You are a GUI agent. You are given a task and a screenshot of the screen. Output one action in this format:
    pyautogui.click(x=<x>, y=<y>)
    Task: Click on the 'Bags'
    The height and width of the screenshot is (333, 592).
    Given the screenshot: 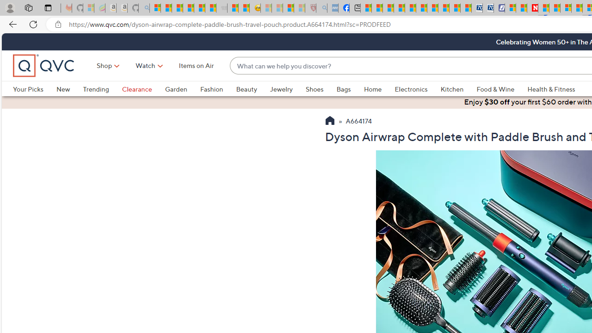 What is the action you would take?
    pyautogui.click(x=343, y=89)
    